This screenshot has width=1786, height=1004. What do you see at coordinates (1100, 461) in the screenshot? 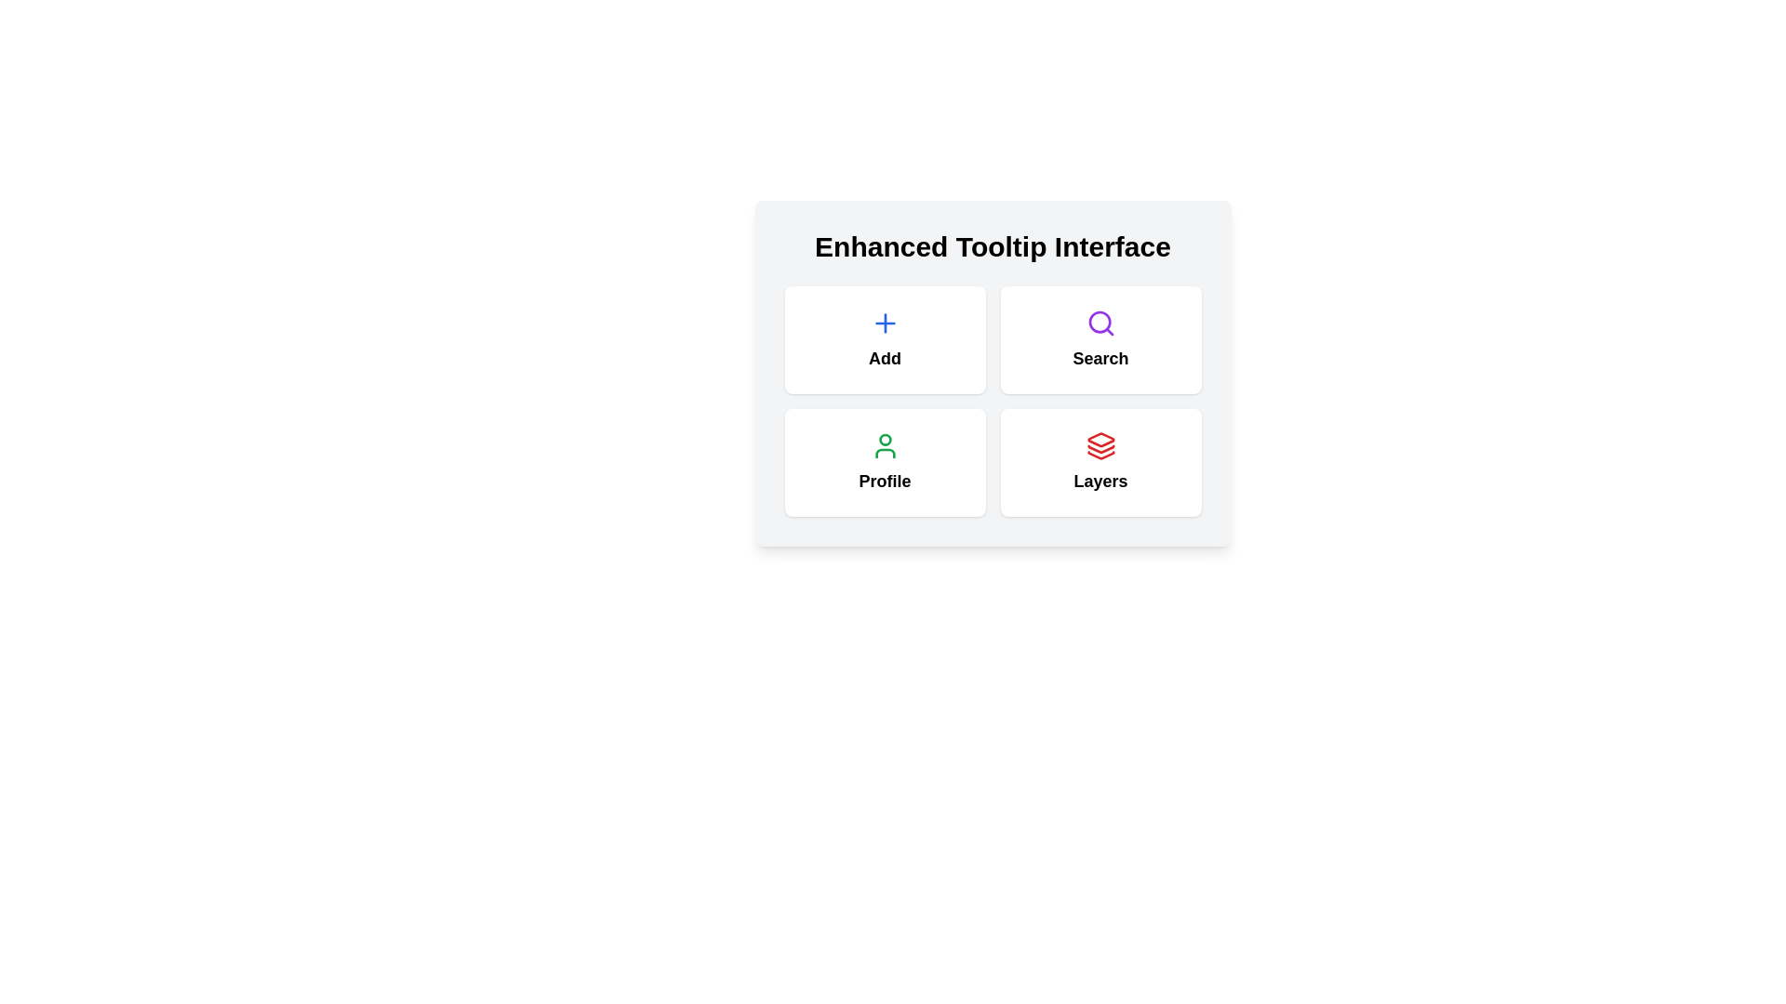
I see `the button-like component located in the lower right corner of a 2x2 grid layout` at bounding box center [1100, 461].